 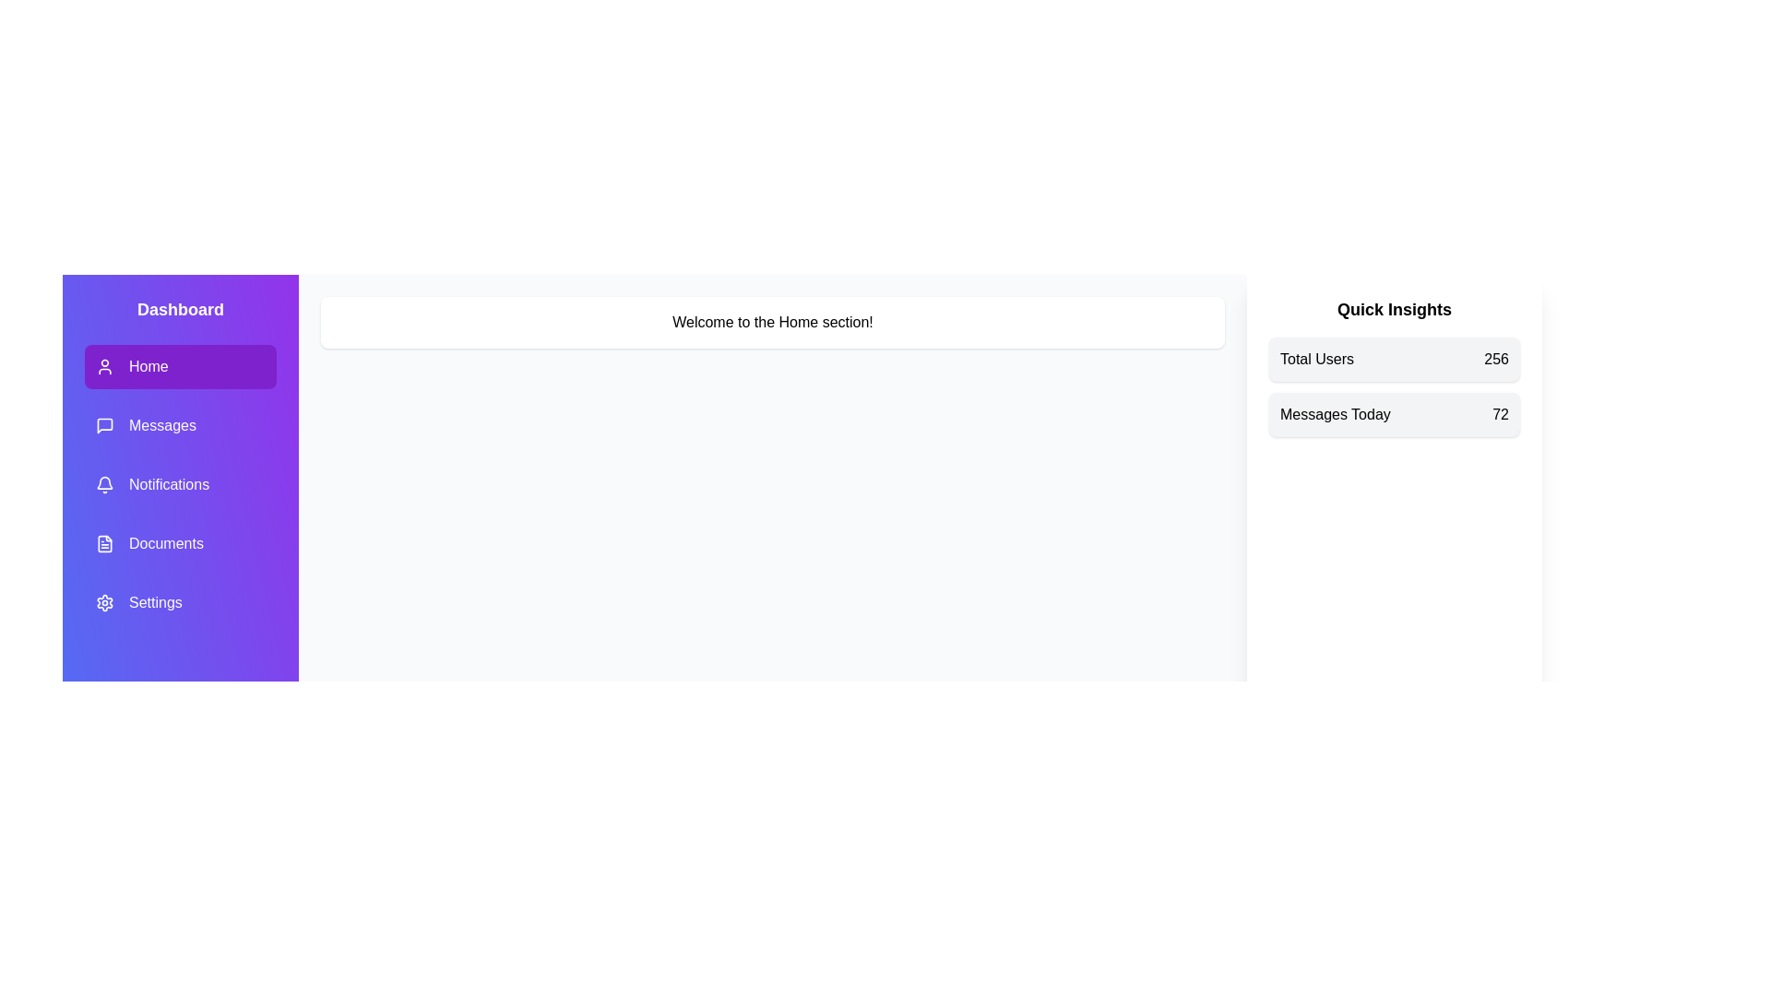 I want to click on the circular user silhouette icon located in the sidebar next to the 'Home' text label, so click(x=104, y=366).